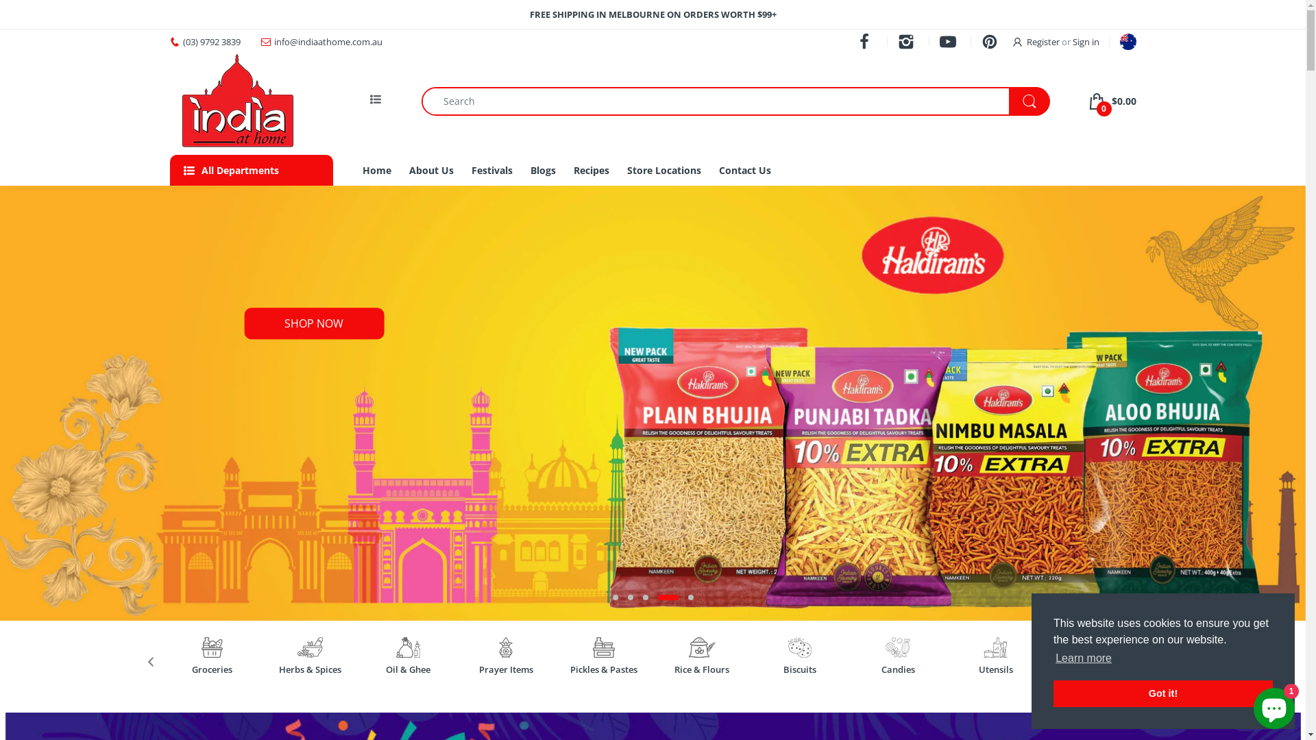  Describe the element at coordinates (1112, 100) in the screenshot. I see `'0` at that location.